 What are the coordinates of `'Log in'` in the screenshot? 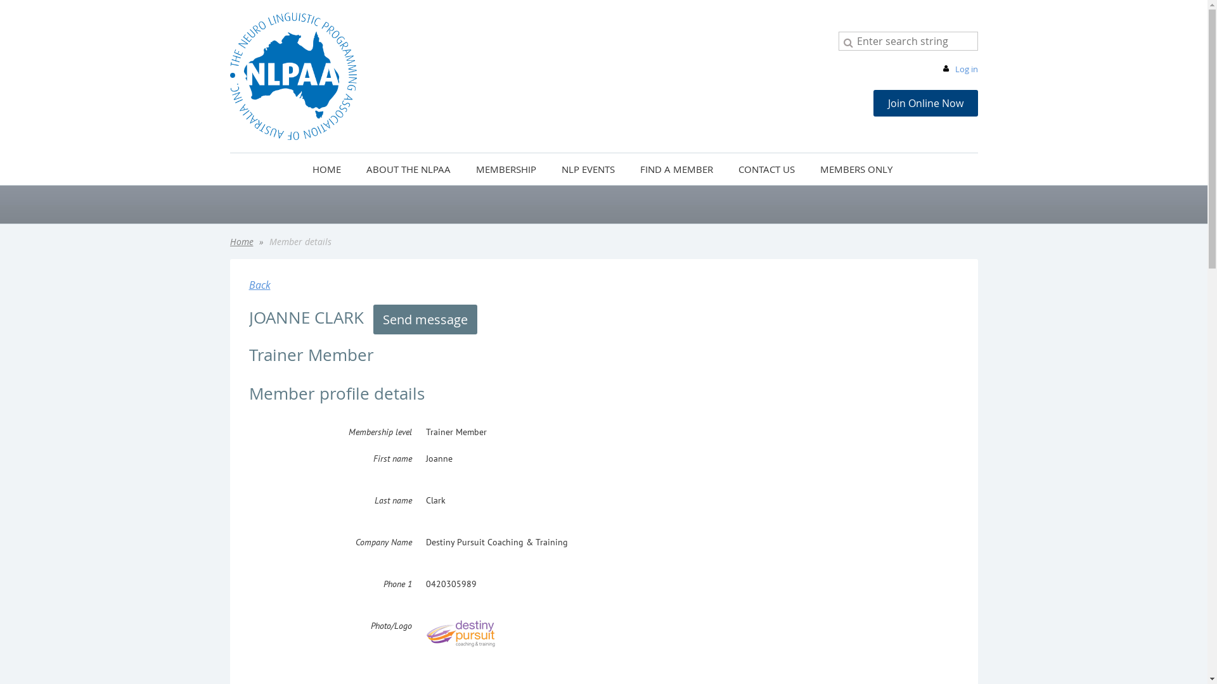 It's located at (940, 68).